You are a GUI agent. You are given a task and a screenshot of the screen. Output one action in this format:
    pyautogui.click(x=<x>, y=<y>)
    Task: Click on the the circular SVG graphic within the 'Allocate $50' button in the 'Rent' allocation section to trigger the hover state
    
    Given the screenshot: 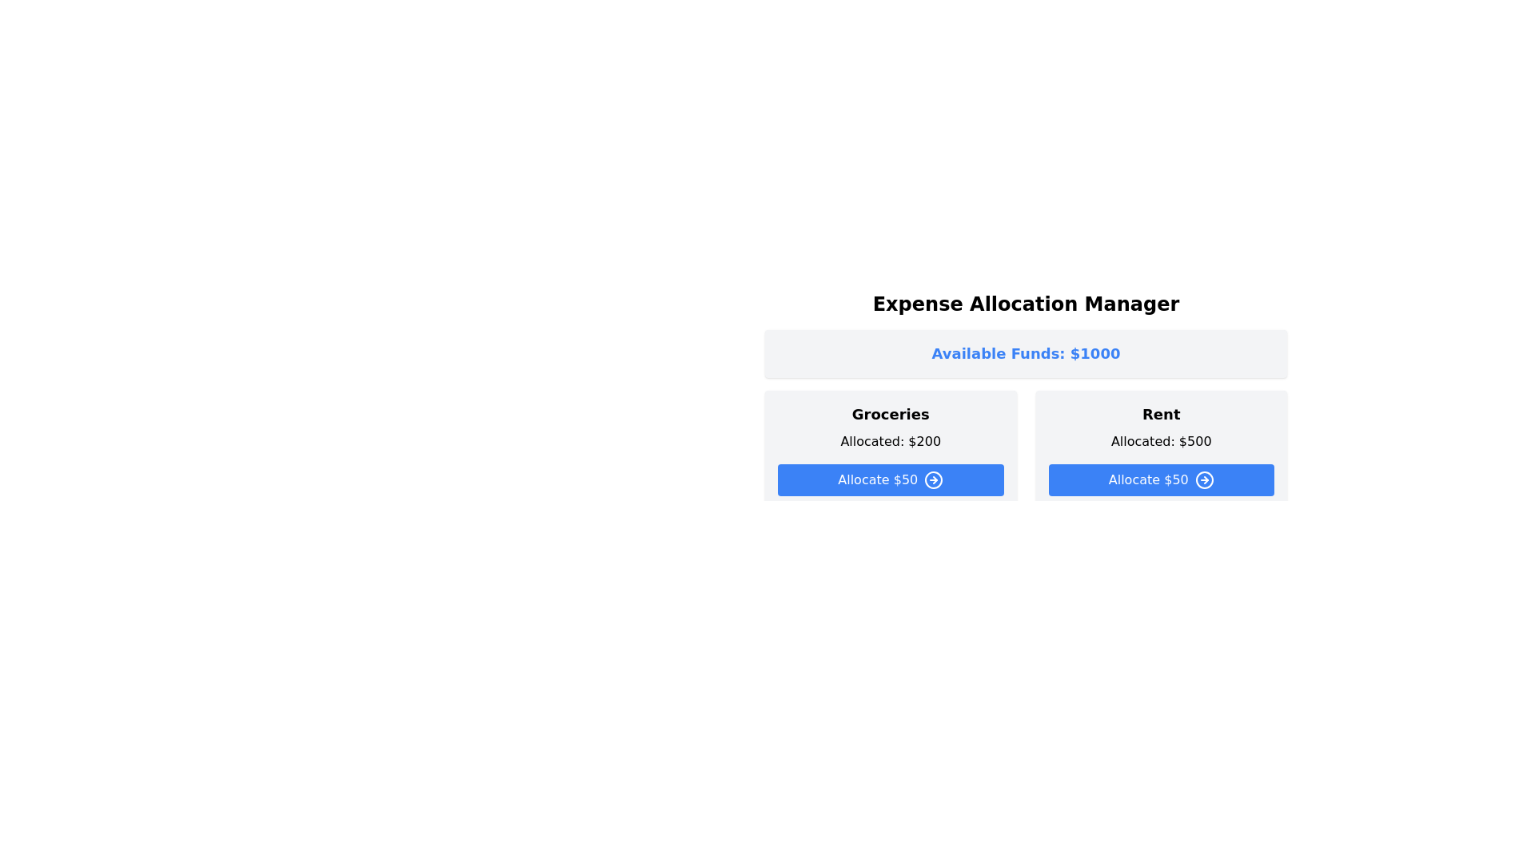 What is the action you would take?
    pyautogui.click(x=1204, y=479)
    